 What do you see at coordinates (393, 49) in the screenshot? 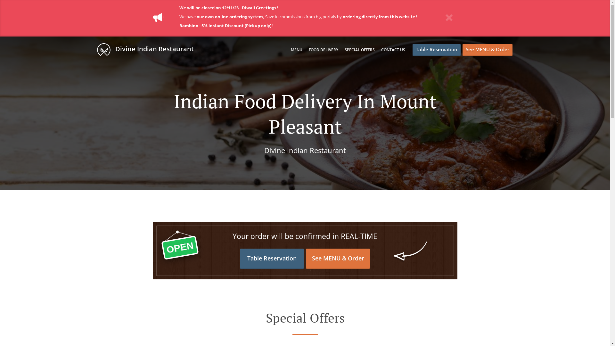
I see `'CONTACT US'` at bounding box center [393, 49].